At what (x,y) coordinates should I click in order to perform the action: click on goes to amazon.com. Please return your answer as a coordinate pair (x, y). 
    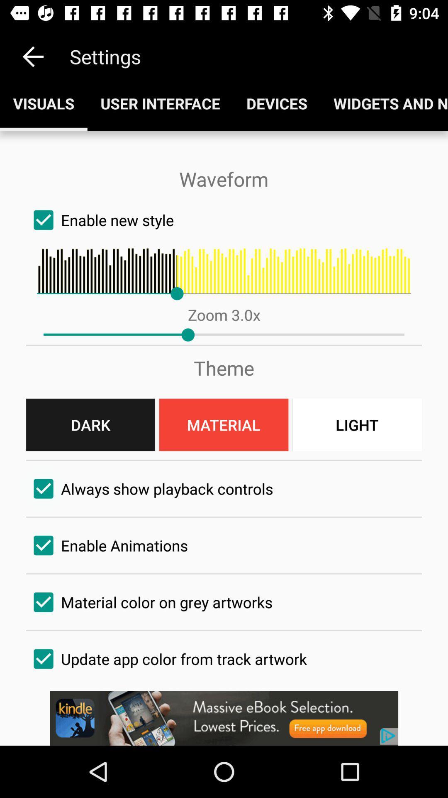
    Looking at the image, I should click on (224, 718).